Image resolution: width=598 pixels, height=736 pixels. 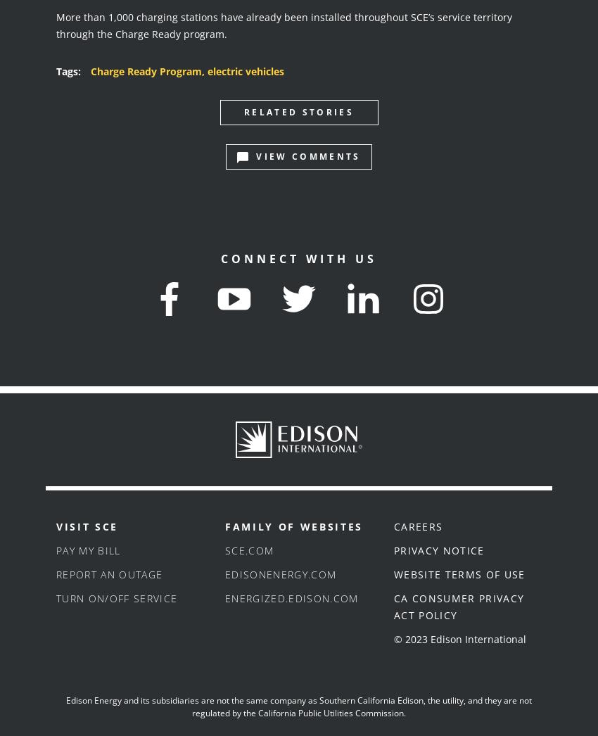 I want to click on 'Family of Websites', so click(x=294, y=526).